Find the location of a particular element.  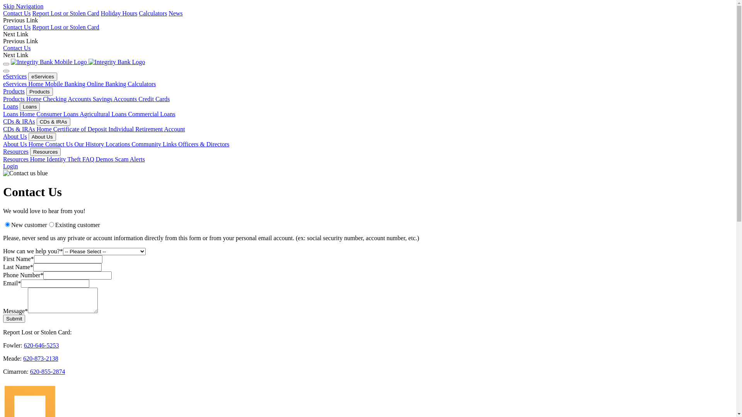

'Loans' is located at coordinates (29, 107).